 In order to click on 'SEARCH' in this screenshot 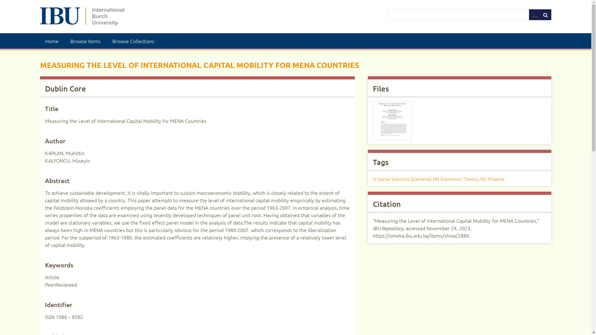, I will do `click(545, 14)`.